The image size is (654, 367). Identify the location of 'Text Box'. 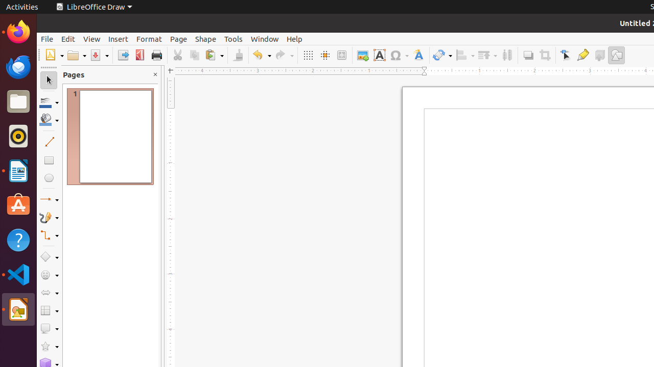
(379, 55).